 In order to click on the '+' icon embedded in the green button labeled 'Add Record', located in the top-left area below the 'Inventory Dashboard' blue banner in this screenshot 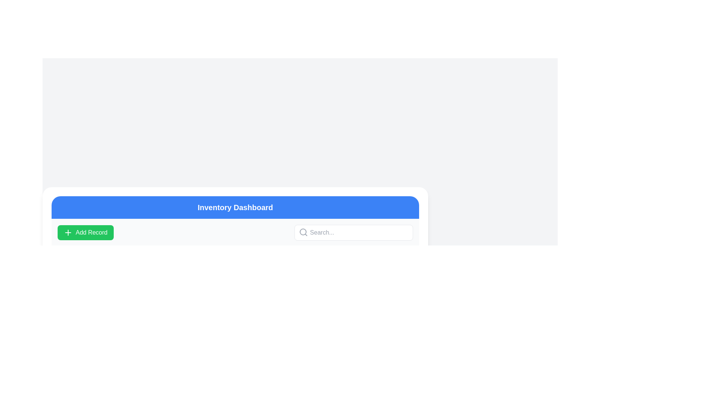, I will do `click(68, 232)`.